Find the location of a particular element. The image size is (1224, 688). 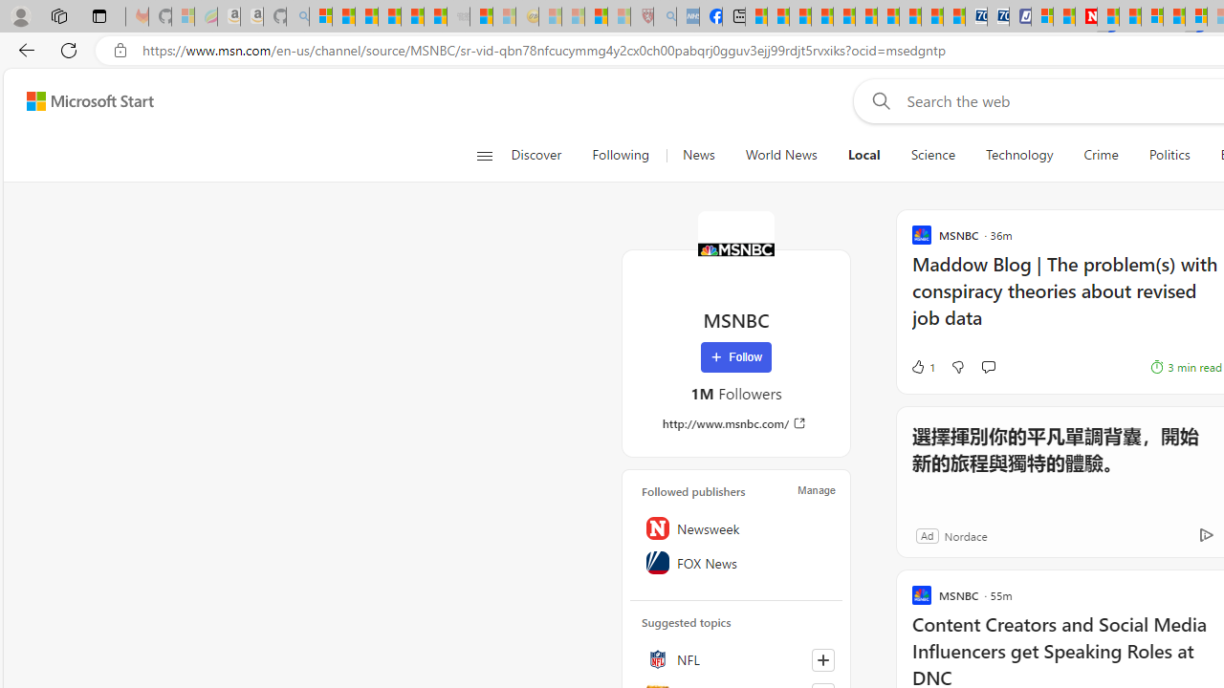

'Latest Politics News & Archive | Newsweek.com' is located at coordinates (1086, 16).